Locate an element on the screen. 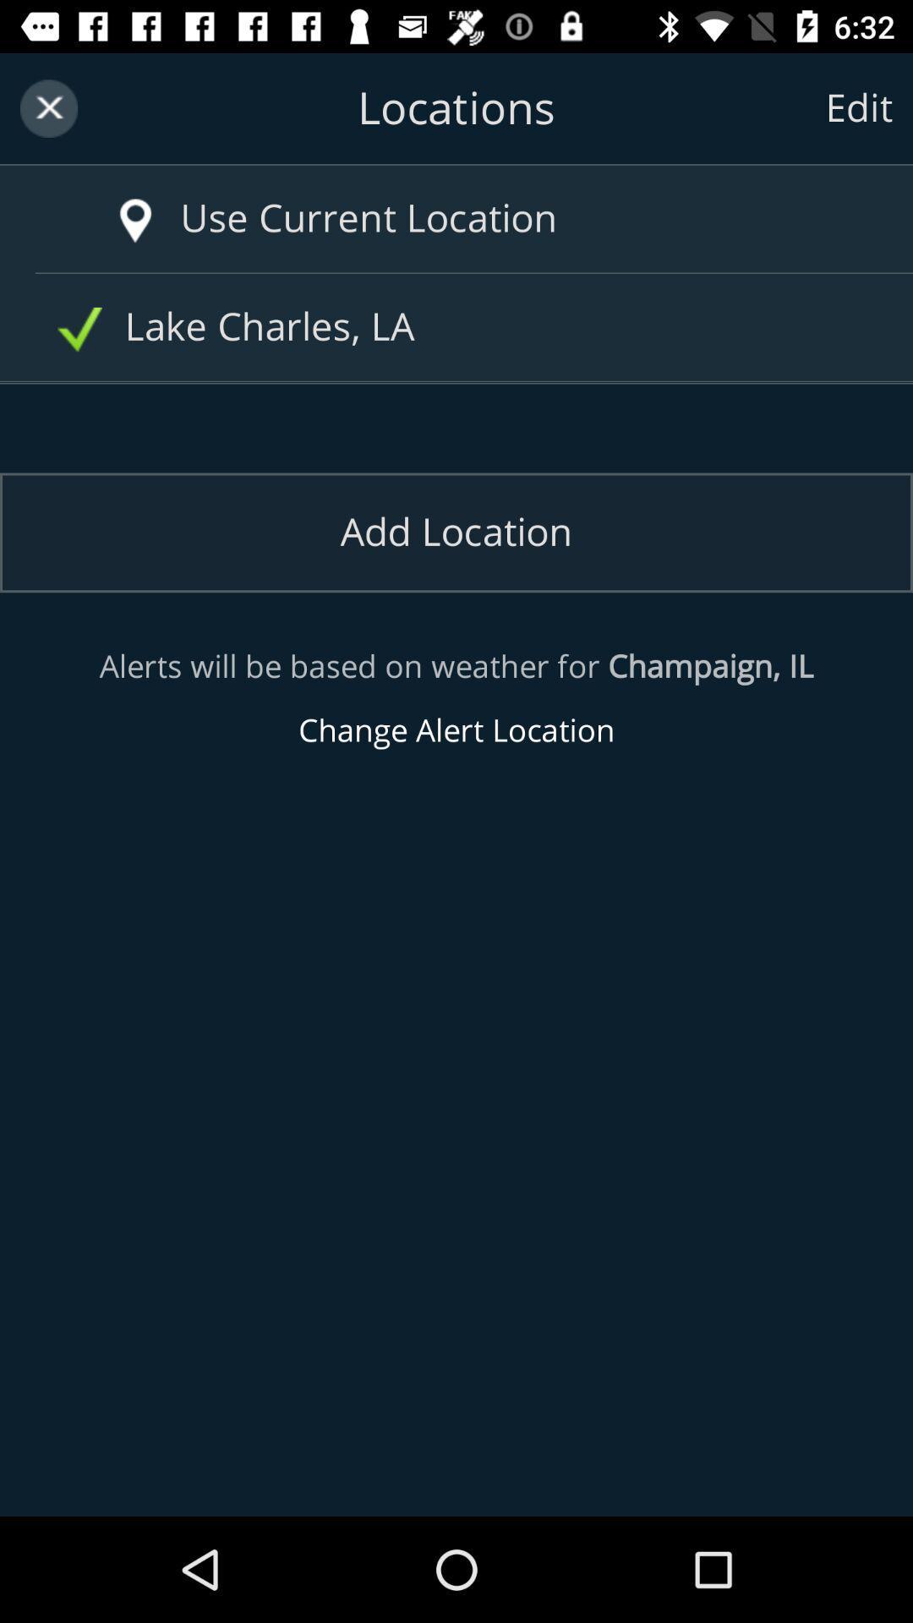  the text use current location is located at coordinates (491, 218).